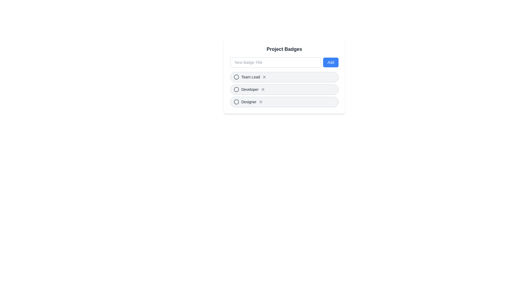 Image resolution: width=520 pixels, height=292 pixels. Describe the element at coordinates (263, 89) in the screenshot. I see `the badge labeled Developer by clicking the corresponding 'X' button` at that location.